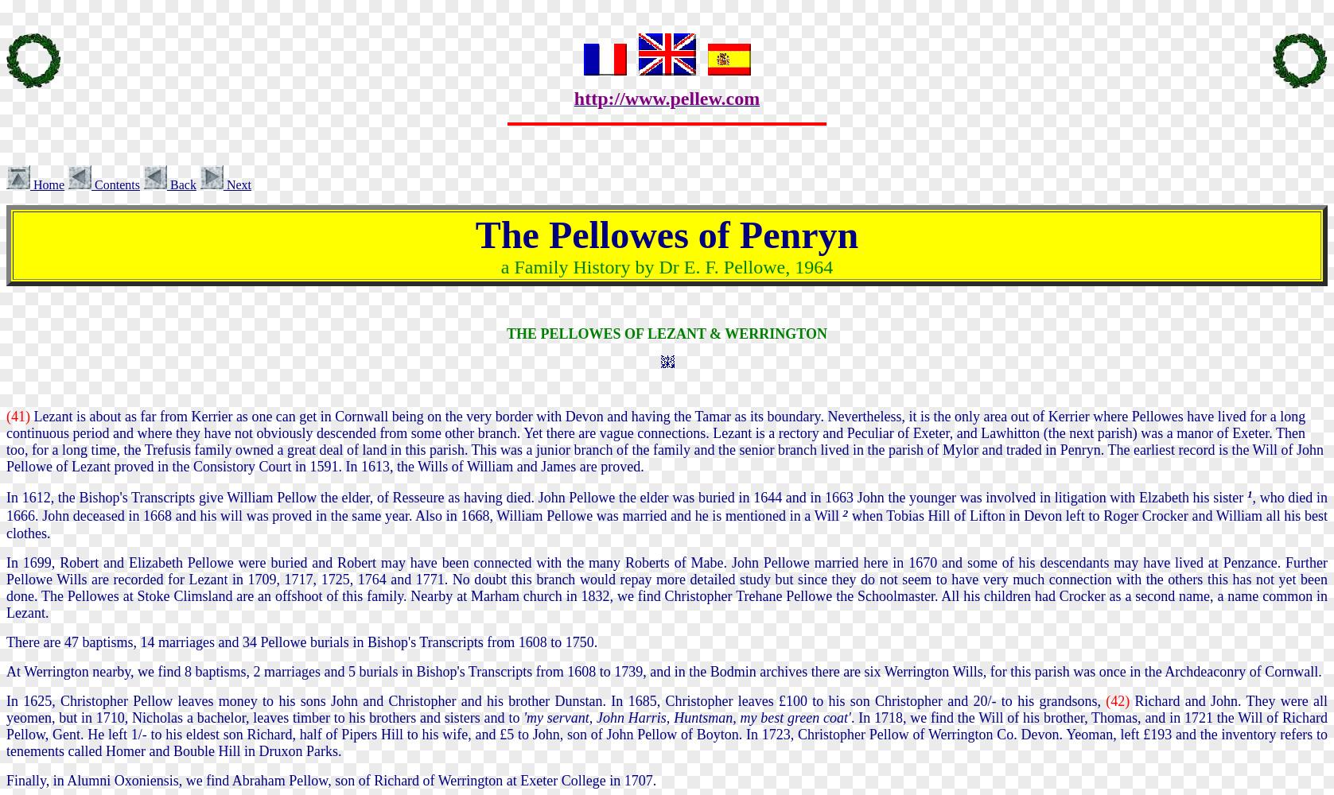  Describe the element at coordinates (667, 734) in the screenshot. I see `'. In 1718, we find the Will of his brother, Thomas, and
in 1721 the Will of Richard Pellow, Gent. He left 1/- to his eldest son Richard,
half of Pipers Hill to his wife, and £5 to John, son of John Pellow of Boyton.
In 1723, Christopher Pellow of Werrington Co. Devon. Yeoman, left £193 and the
inventory refers to tenements called Homer and Bouble Hill in Druxon Parks.'` at that location.